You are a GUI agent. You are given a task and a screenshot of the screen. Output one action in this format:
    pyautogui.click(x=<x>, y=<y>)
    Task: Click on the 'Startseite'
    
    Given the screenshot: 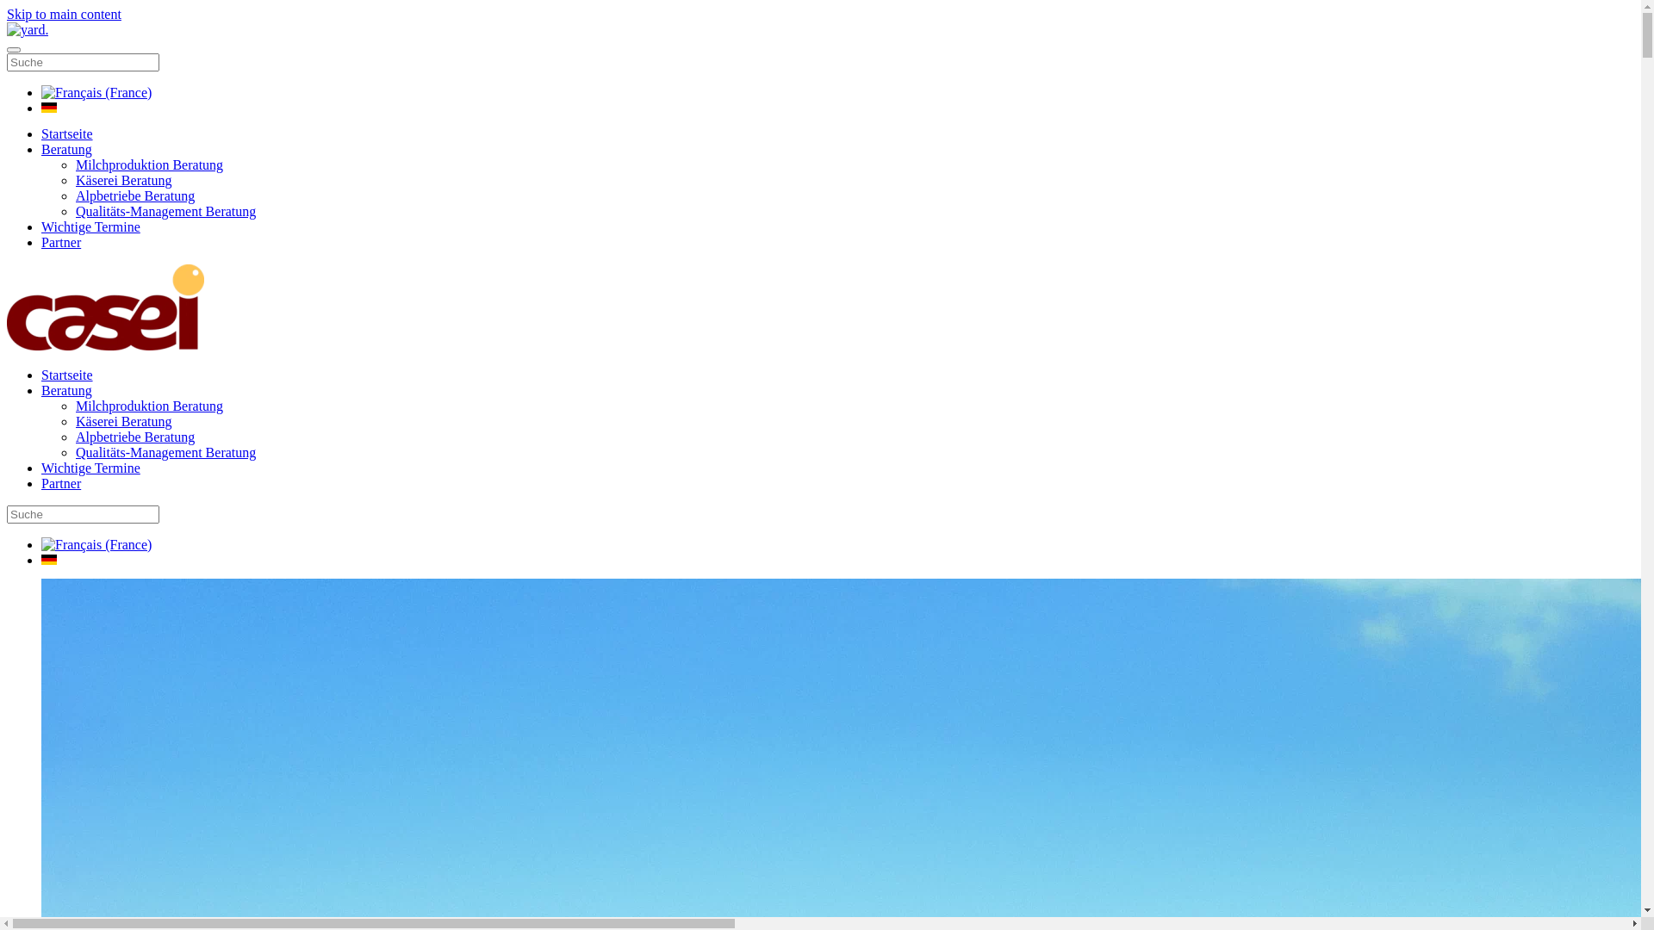 What is the action you would take?
    pyautogui.click(x=66, y=374)
    